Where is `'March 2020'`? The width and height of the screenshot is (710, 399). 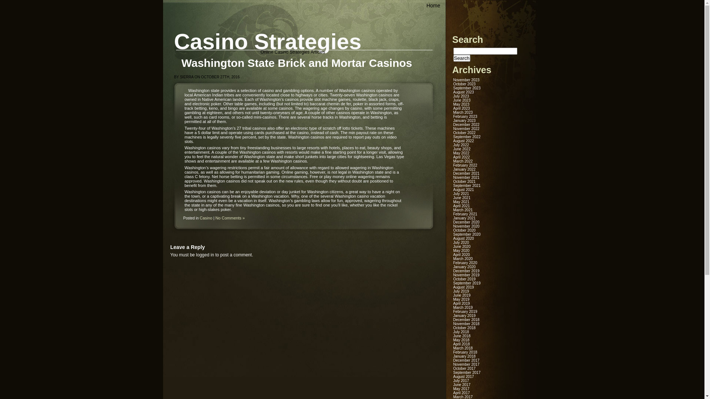 'March 2020' is located at coordinates (463, 258).